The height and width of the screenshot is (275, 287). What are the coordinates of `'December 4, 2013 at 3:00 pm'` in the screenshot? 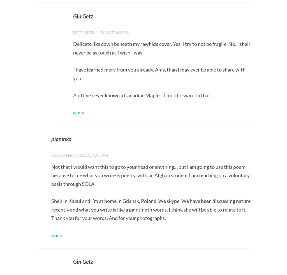 It's located at (101, 32).